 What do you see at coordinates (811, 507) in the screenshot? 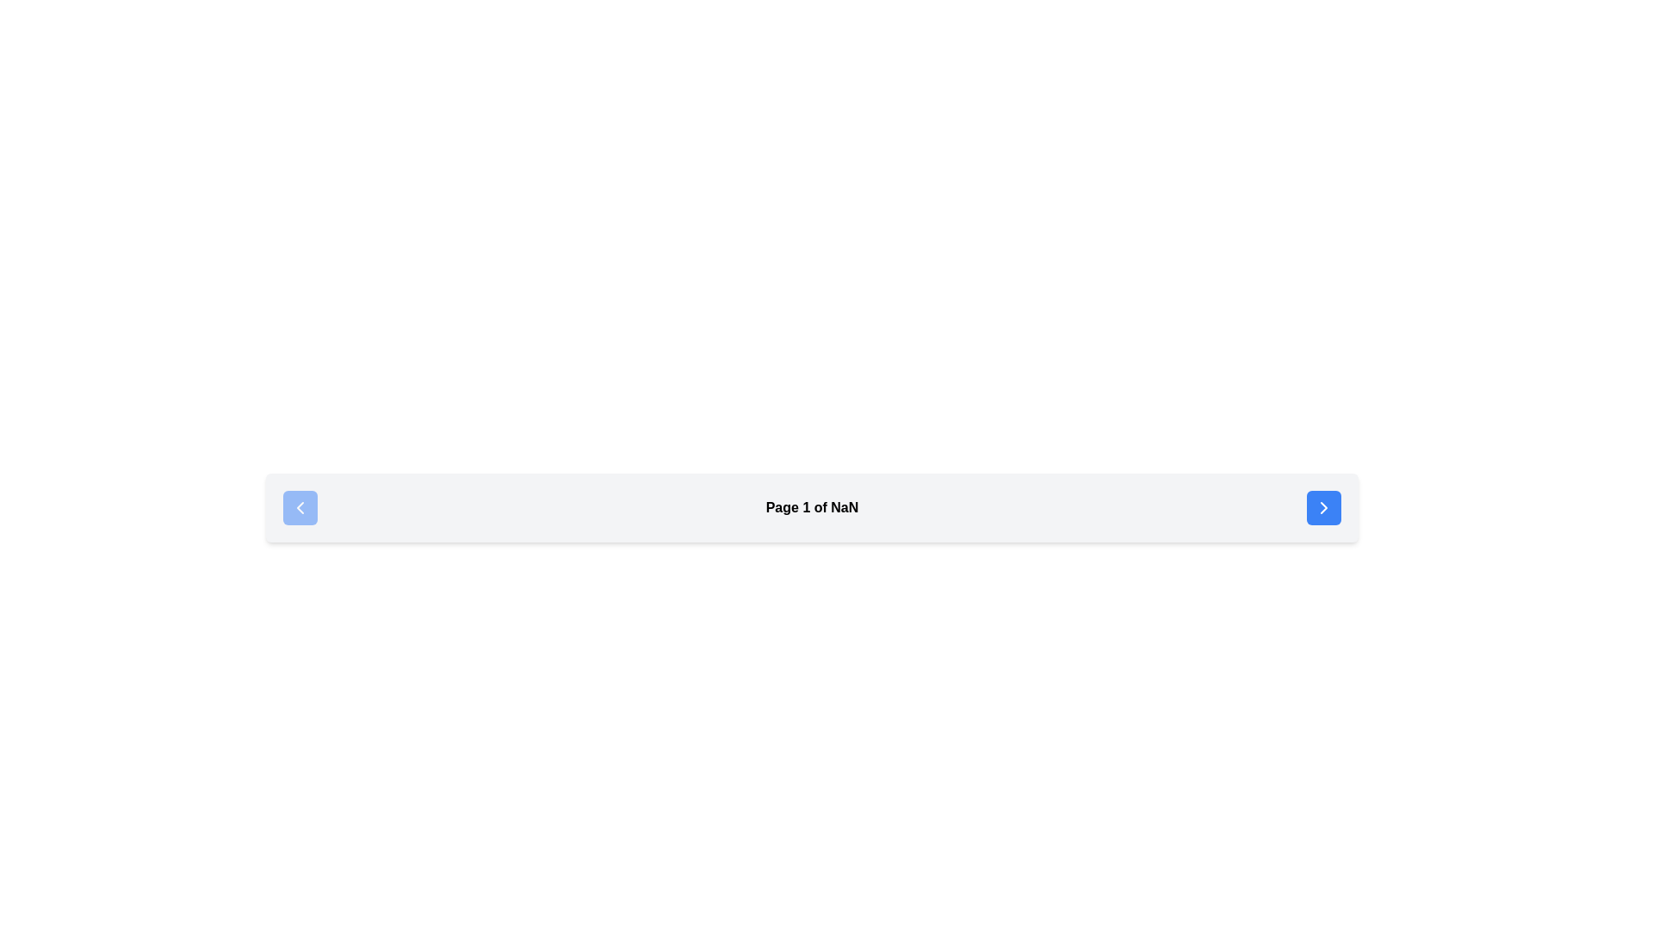
I see `the static text displaying 'Page 1 of NaN' in the toolbar, which is centrally aligned and bold` at bounding box center [811, 507].